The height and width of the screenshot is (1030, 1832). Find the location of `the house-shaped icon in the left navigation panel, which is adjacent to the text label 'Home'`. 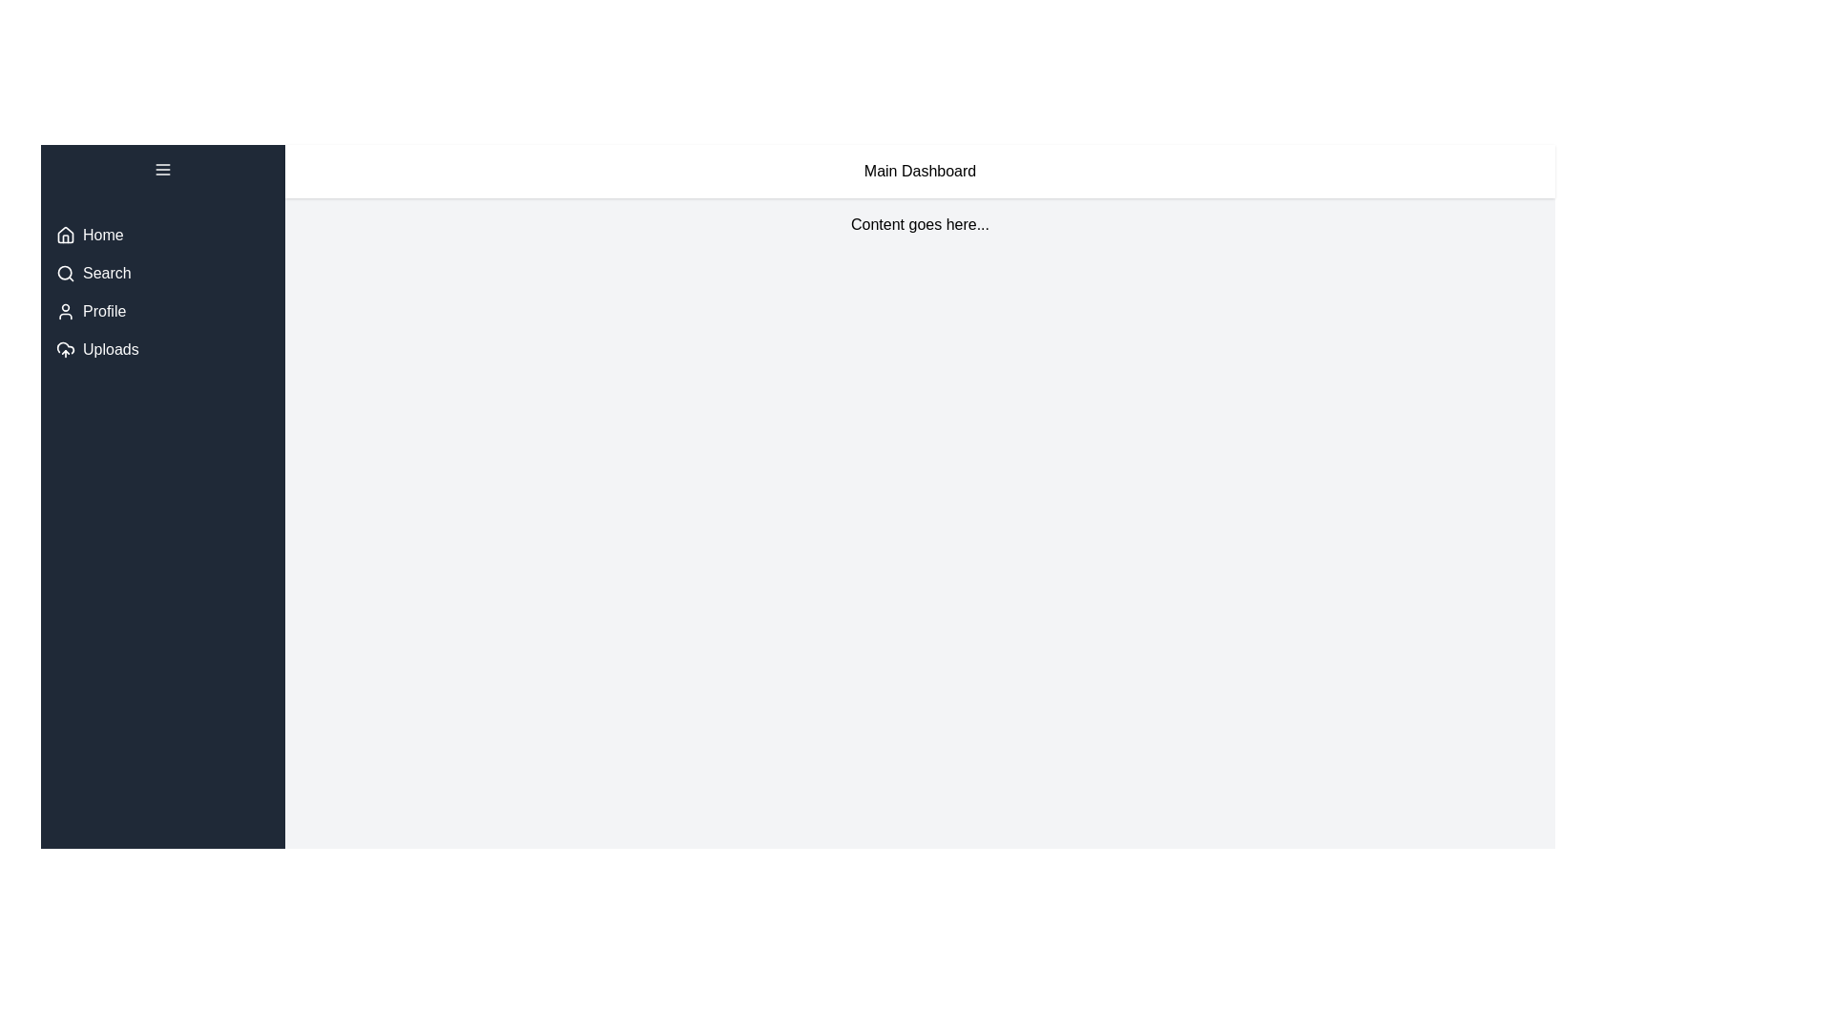

the house-shaped icon in the left navigation panel, which is adjacent to the text label 'Home' is located at coordinates (65, 234).